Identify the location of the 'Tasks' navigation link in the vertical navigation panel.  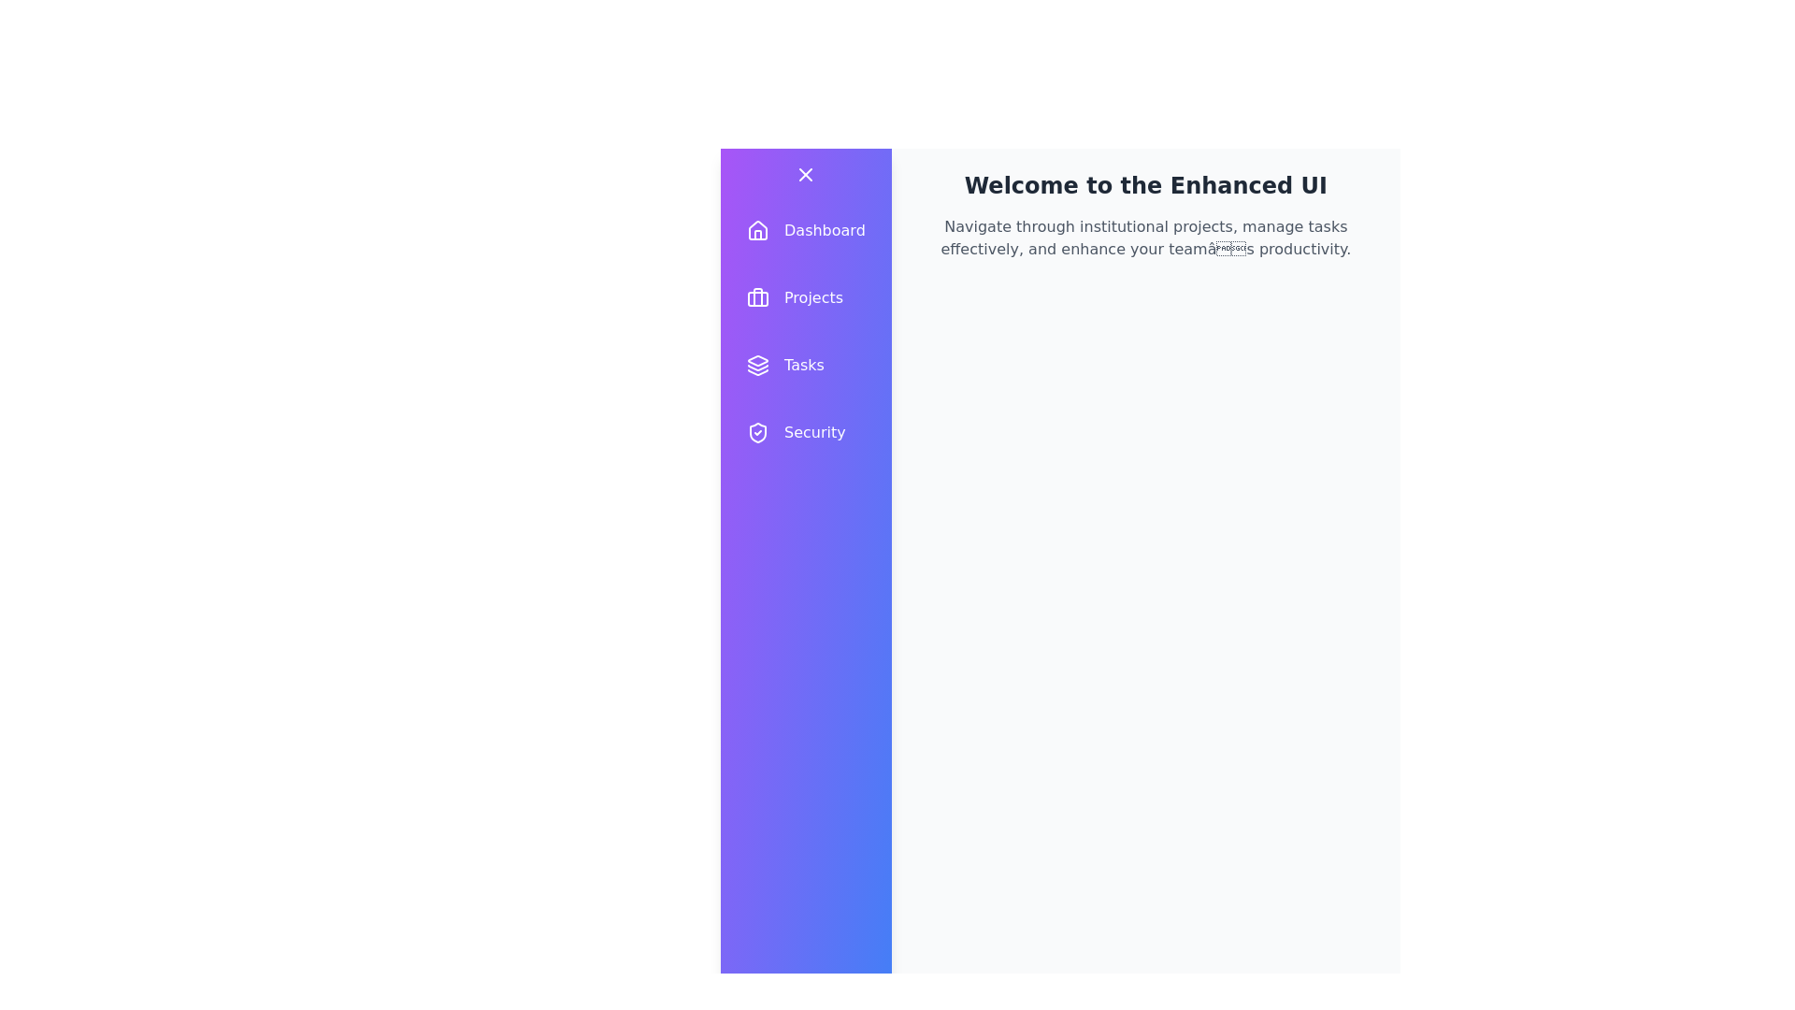
(806, 365).